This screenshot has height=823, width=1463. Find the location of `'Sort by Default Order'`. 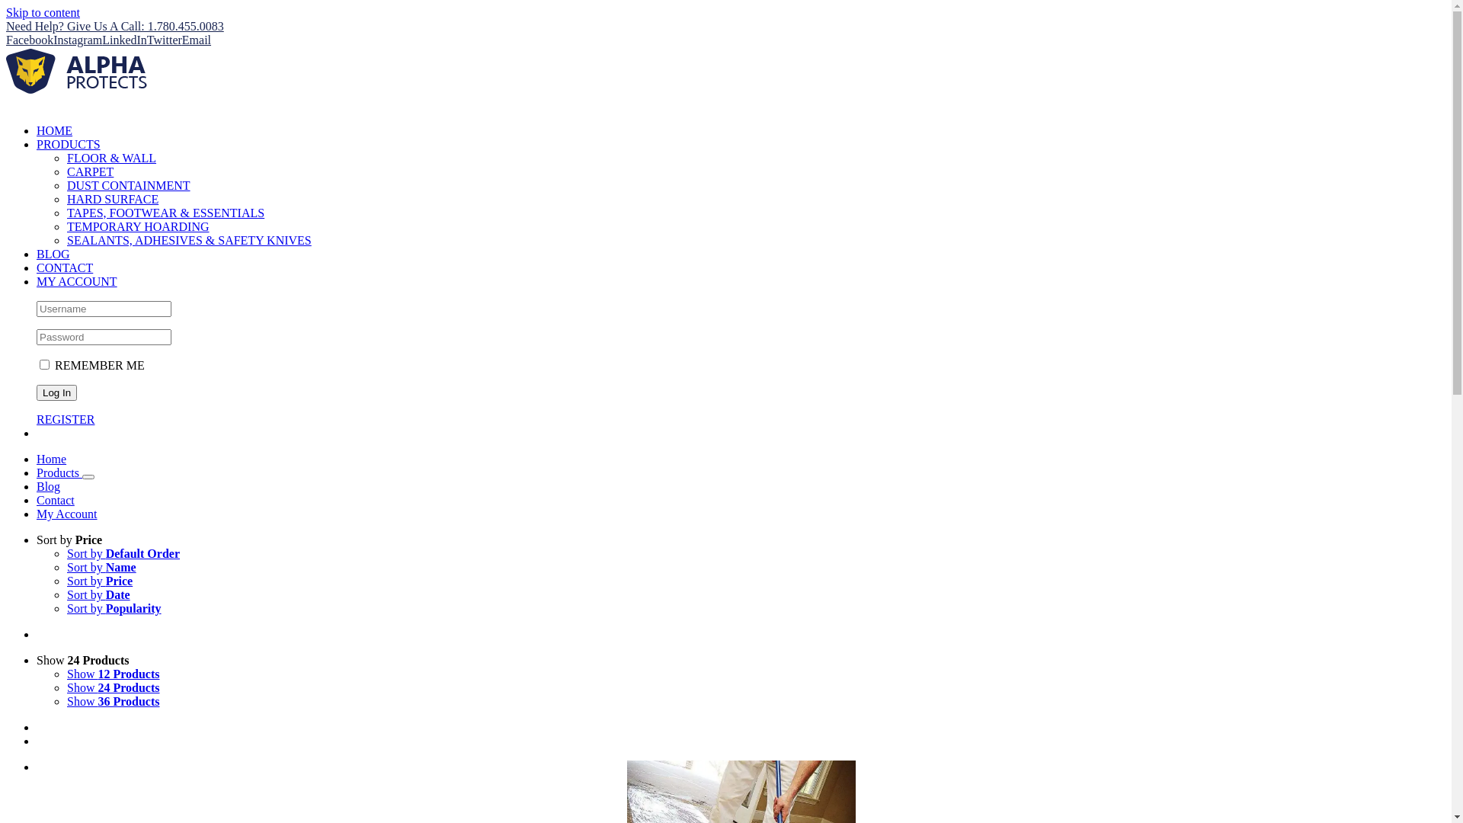

'Sort by Default Order' is located at coordinates (66, 553).